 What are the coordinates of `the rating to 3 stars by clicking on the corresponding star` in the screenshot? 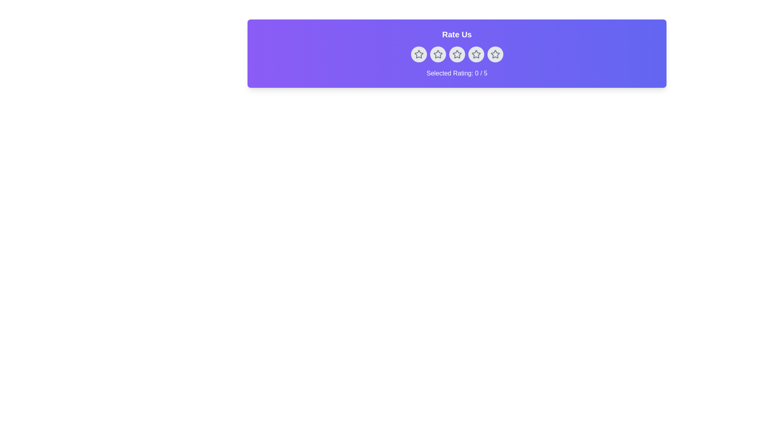 It's located at (457, 54).